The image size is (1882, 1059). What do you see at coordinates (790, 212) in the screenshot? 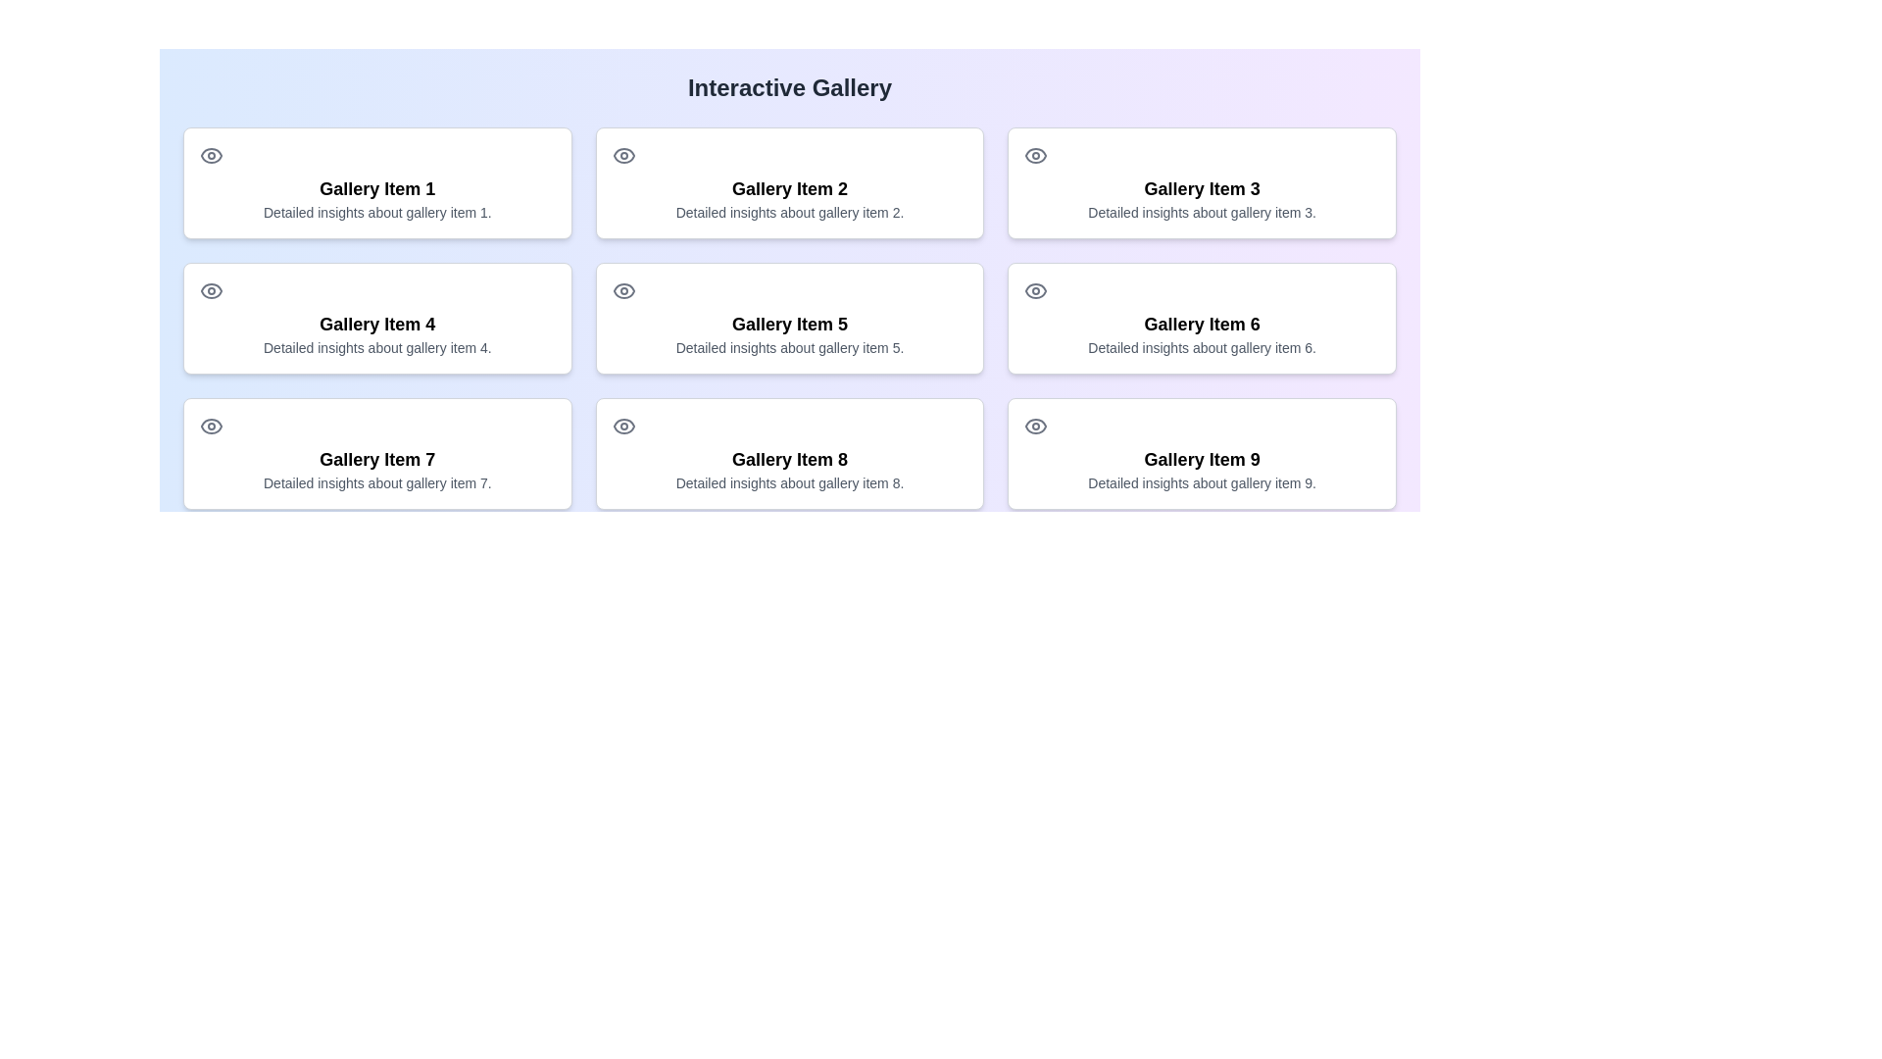
I see `nearby elements within the bordered, rounded card that contains the text 'Detailed insights about gallery item 2.'` at bounding box center [790, 212].